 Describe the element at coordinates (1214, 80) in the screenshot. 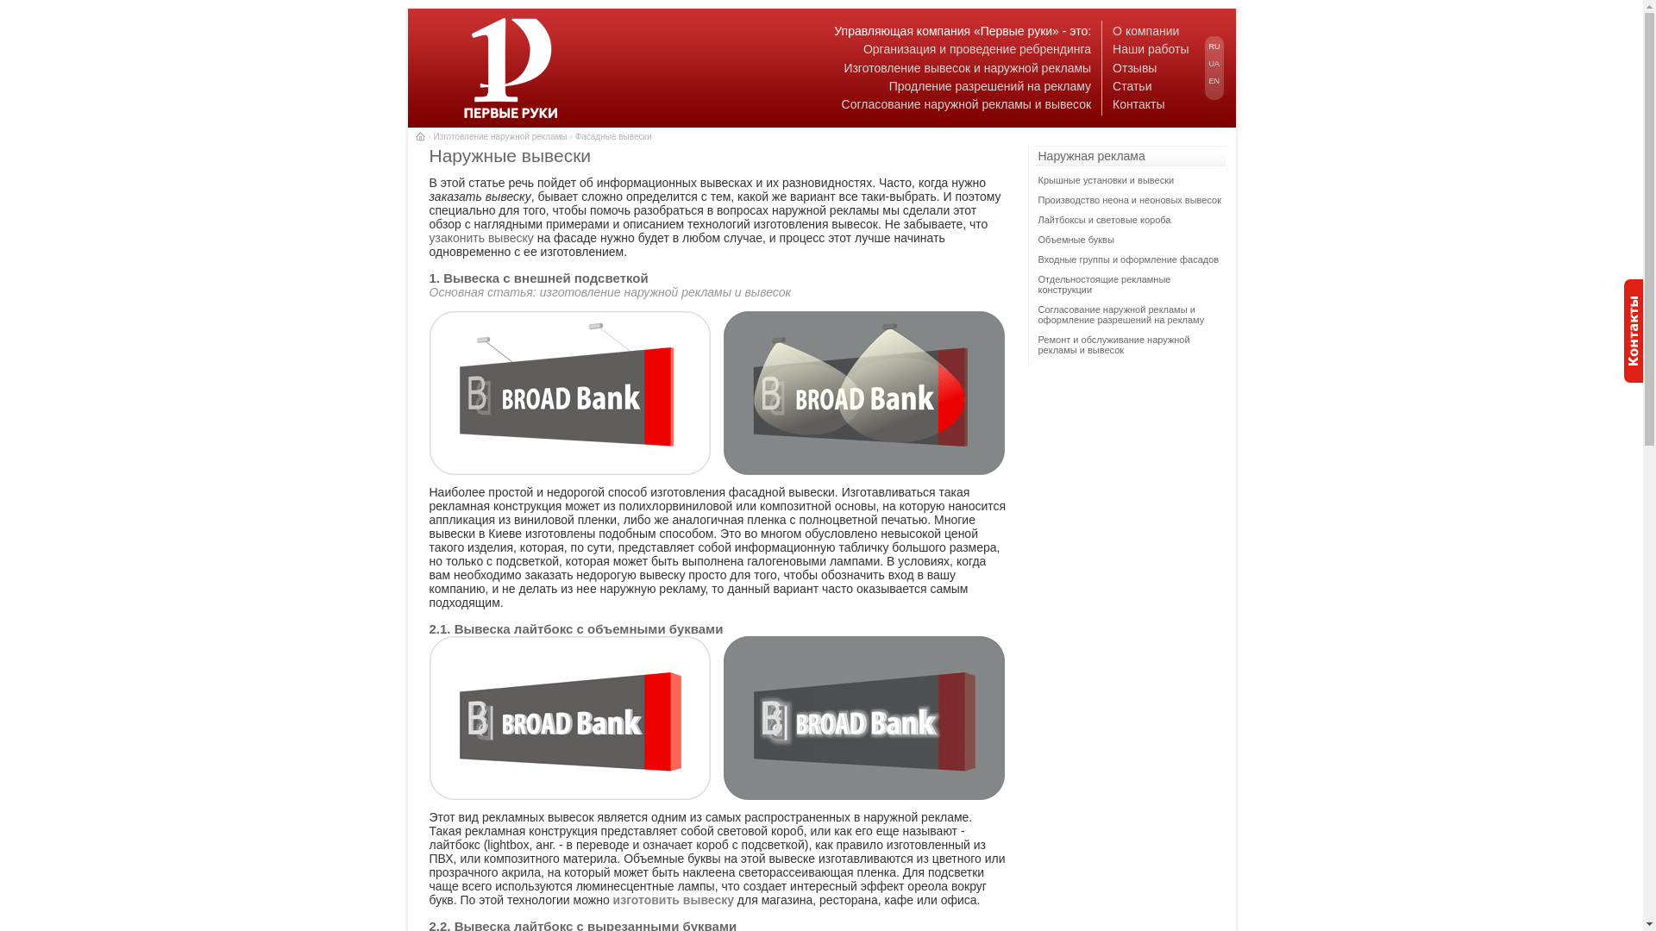

I see `'EN'` at that location.